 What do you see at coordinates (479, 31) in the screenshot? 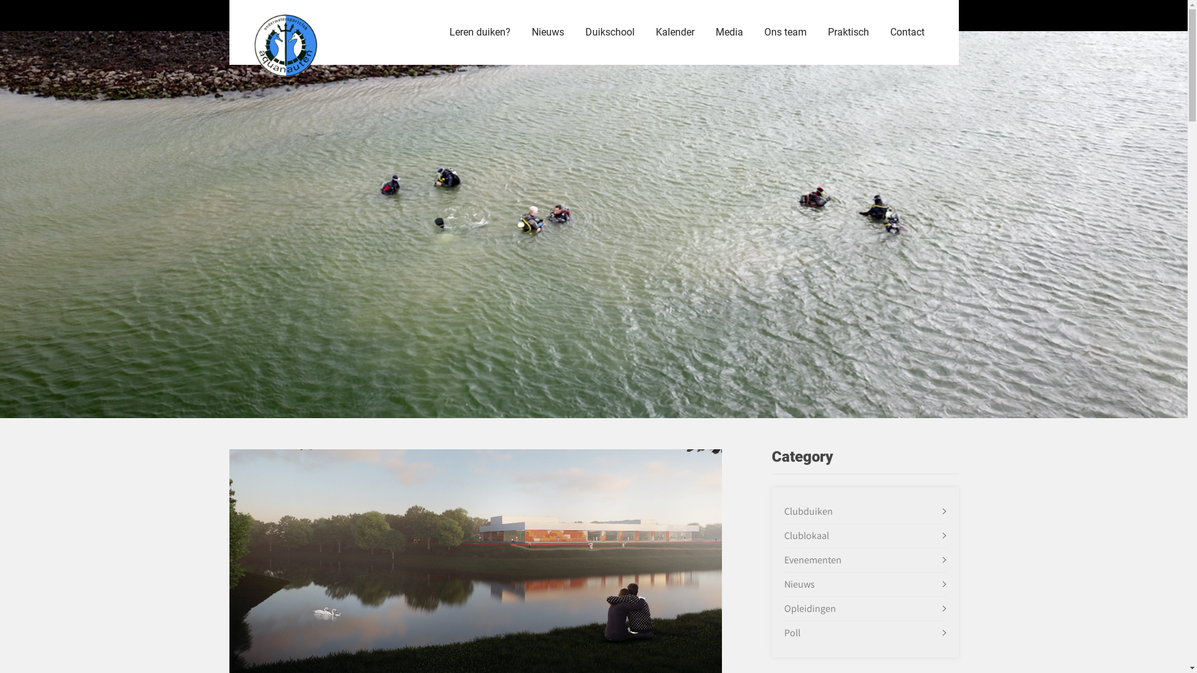
I see `'Leren duiken?'` at bounding box center [479, 31].